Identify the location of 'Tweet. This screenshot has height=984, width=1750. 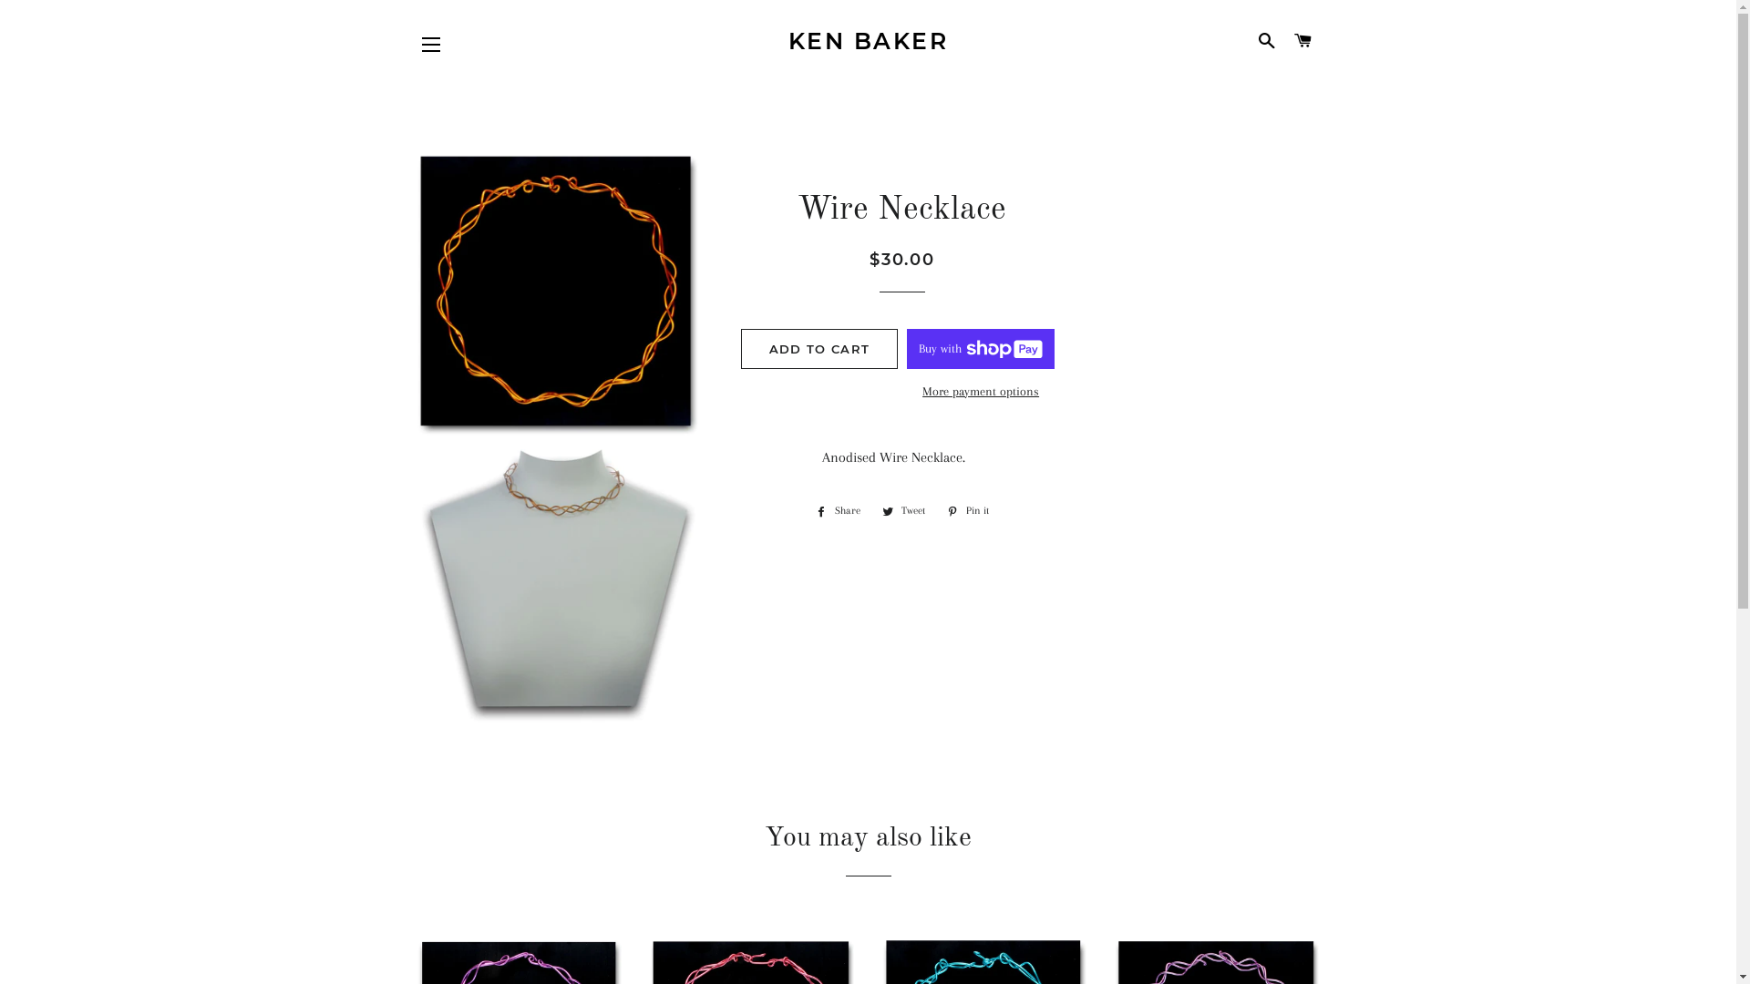
(903, 510).